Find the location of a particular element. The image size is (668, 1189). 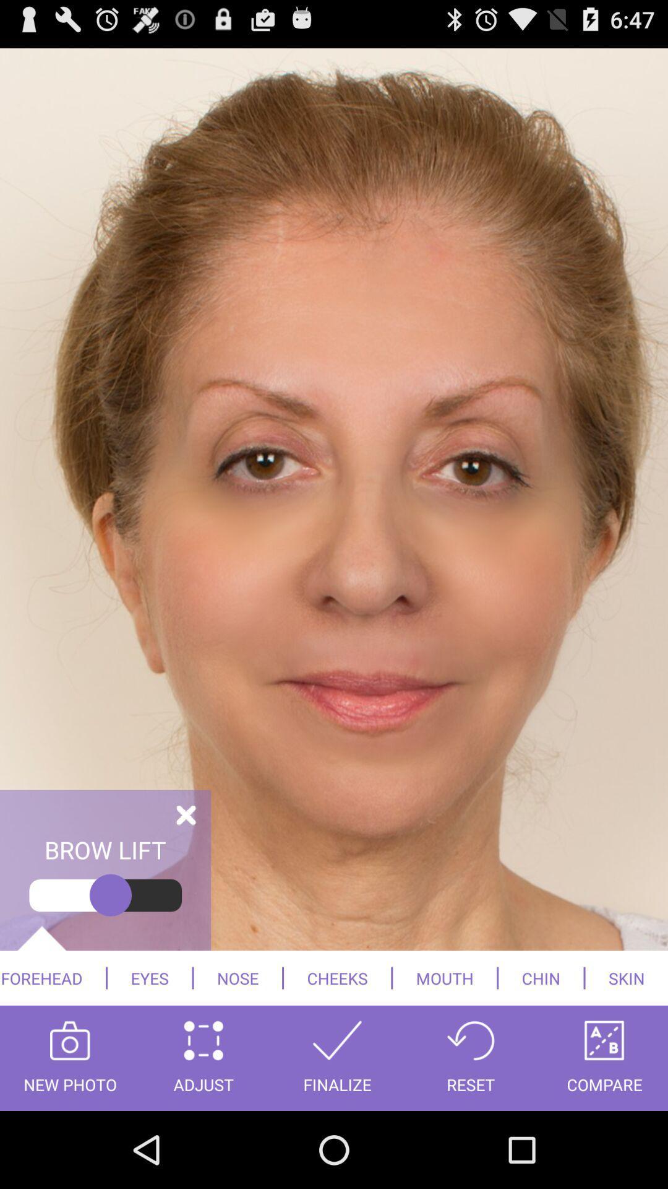

forehead app is located at coordinates (52, 977).